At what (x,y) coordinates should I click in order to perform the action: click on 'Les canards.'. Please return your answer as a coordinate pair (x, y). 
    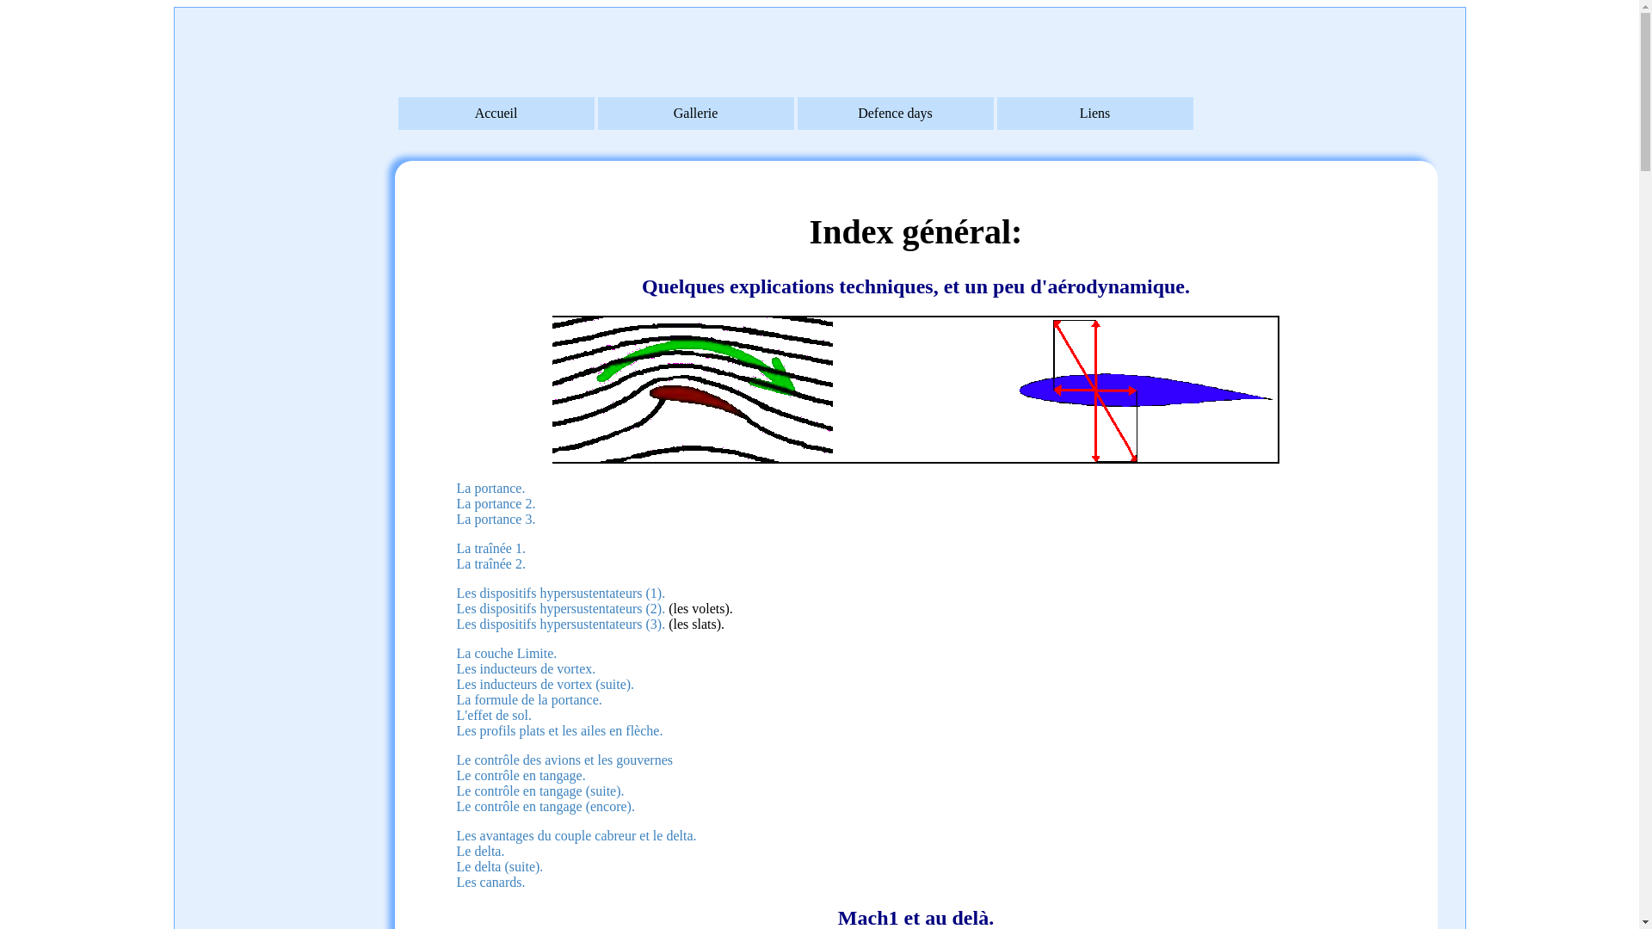
    Looking at the image, I should click on (490, 881).